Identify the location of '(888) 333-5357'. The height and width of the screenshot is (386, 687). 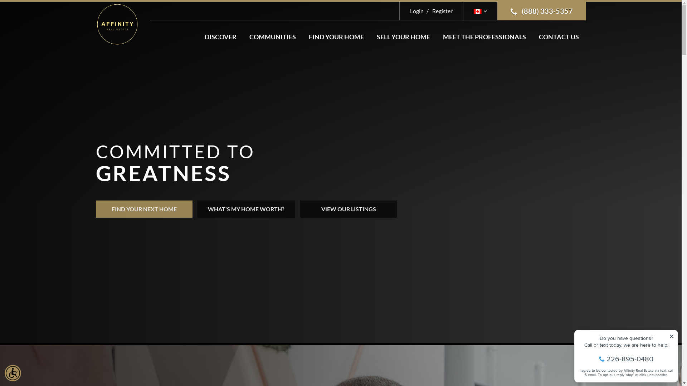
(541, 11).